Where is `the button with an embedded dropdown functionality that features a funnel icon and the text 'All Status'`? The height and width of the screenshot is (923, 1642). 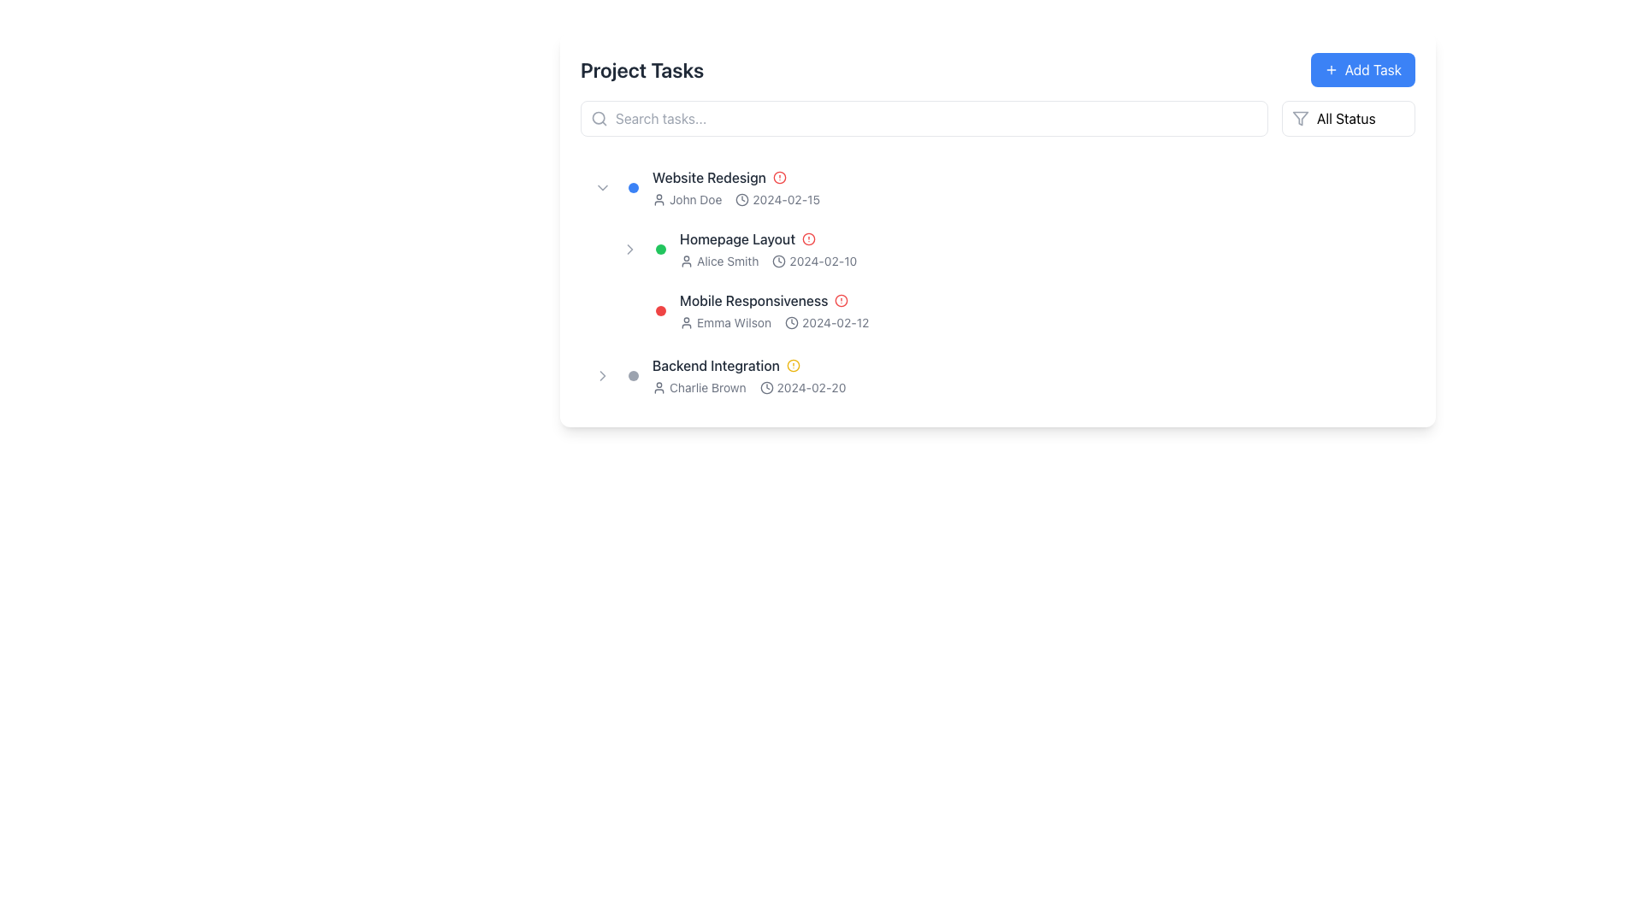
the button with an embedded dropdown functionality that features a funnel icon and the text 'All Status' is located at coordinates (1348, 117).